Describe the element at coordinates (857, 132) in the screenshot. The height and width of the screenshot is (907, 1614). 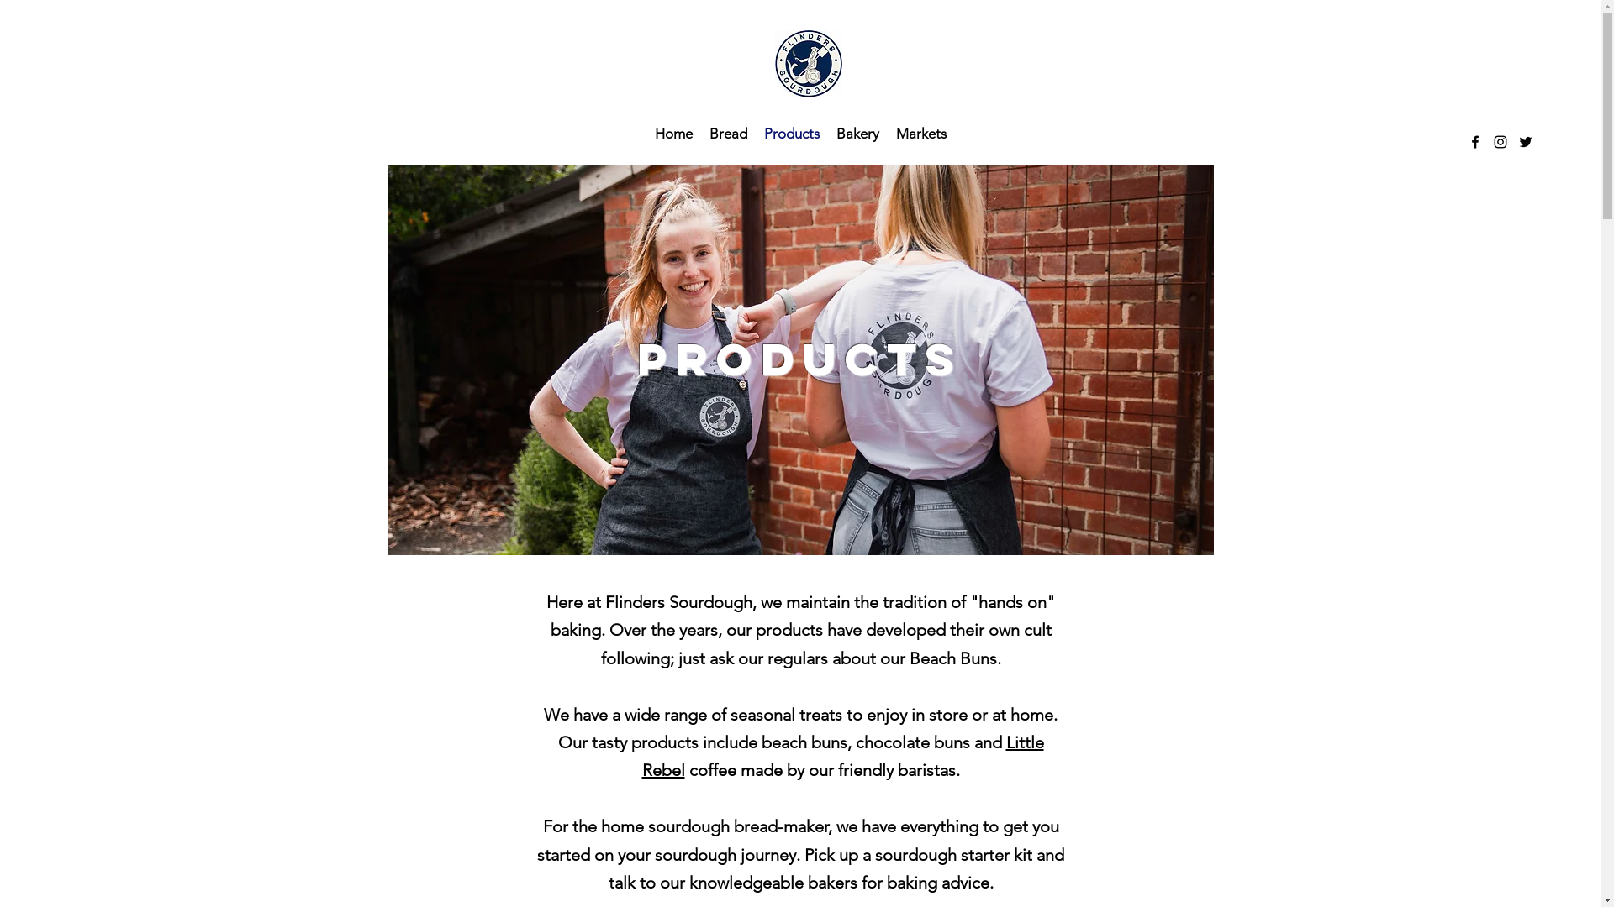
I see `'Bakery'` at that location.